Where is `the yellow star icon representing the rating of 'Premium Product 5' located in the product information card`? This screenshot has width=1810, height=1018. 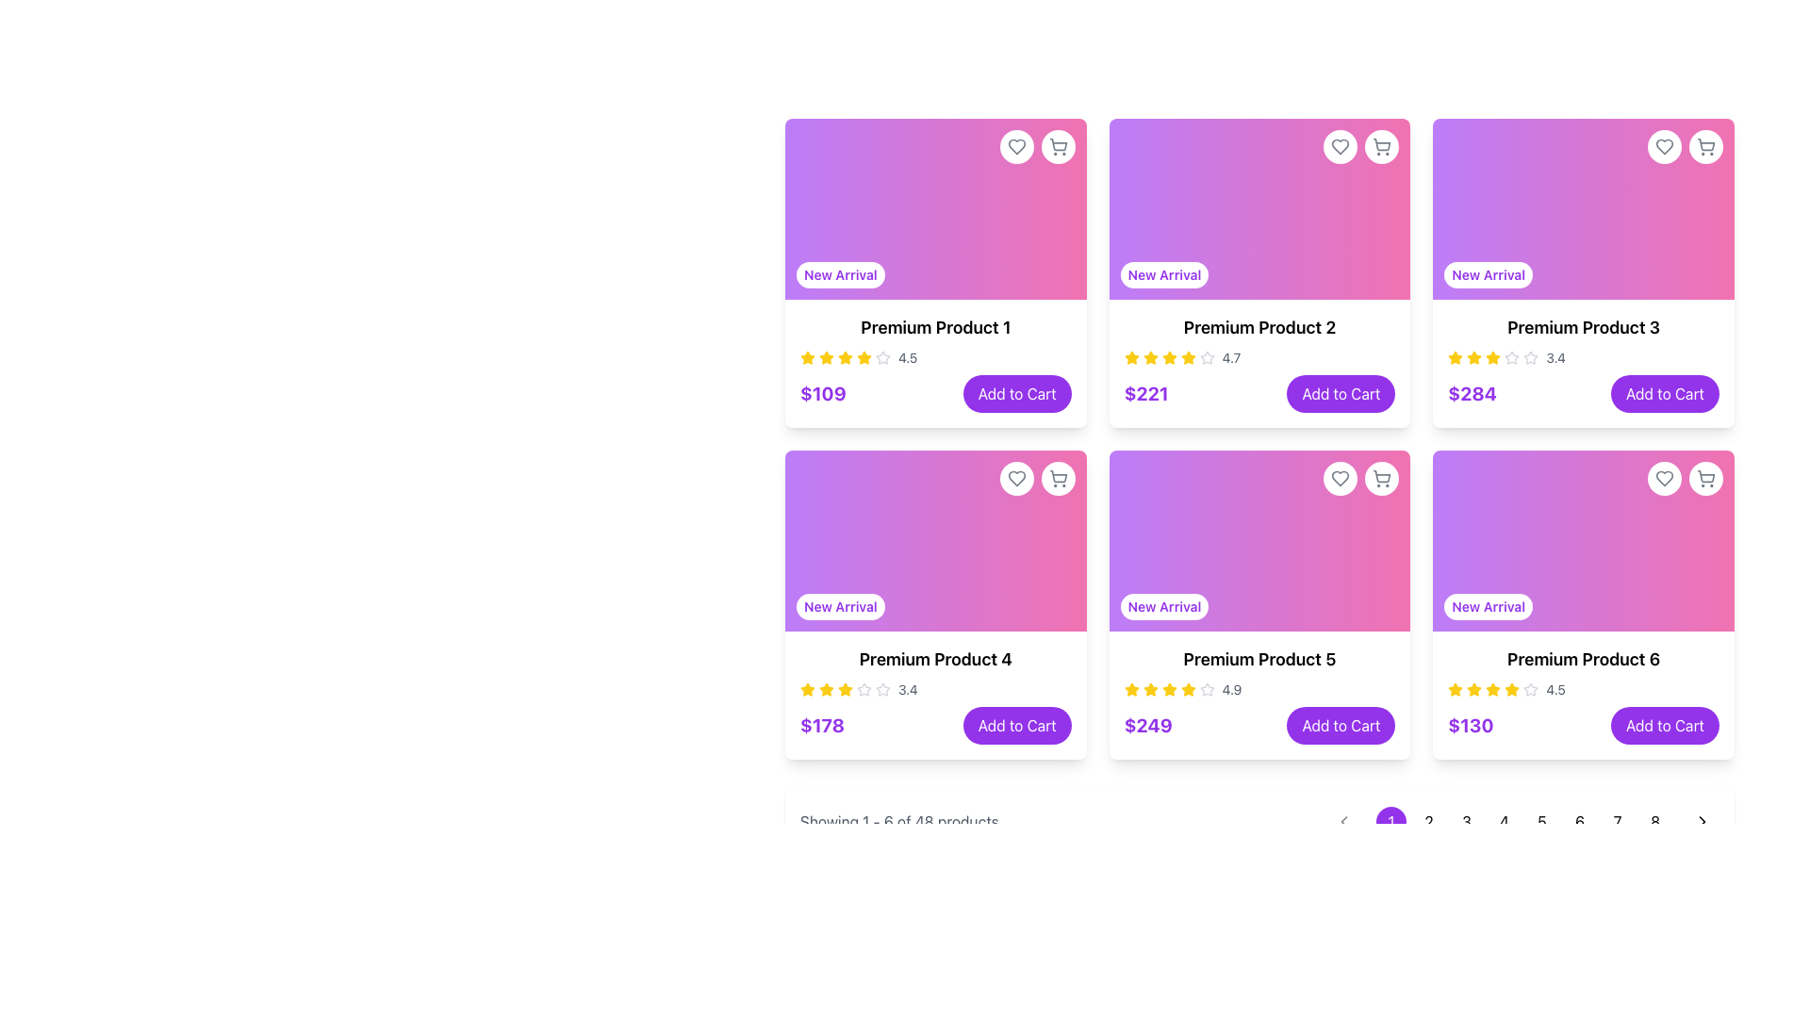
the yellow star icon representing the rating of 'Premium Product 5' located in the product information card is located at coordinates (1131, 689).